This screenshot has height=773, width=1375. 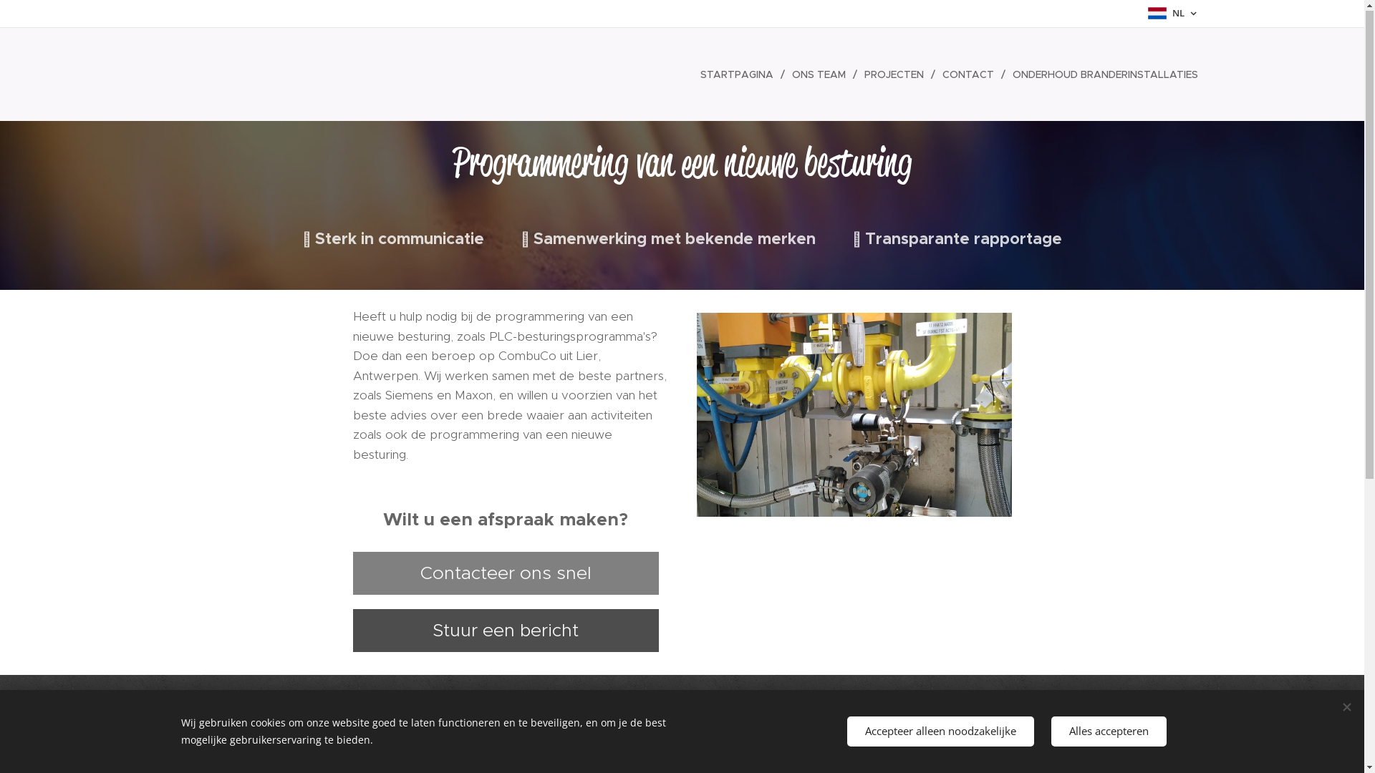 What do you see at coordinates (740, 74) in the screenshot?
I see `'STARTPAGINA'` at bounding box center [740, 74].